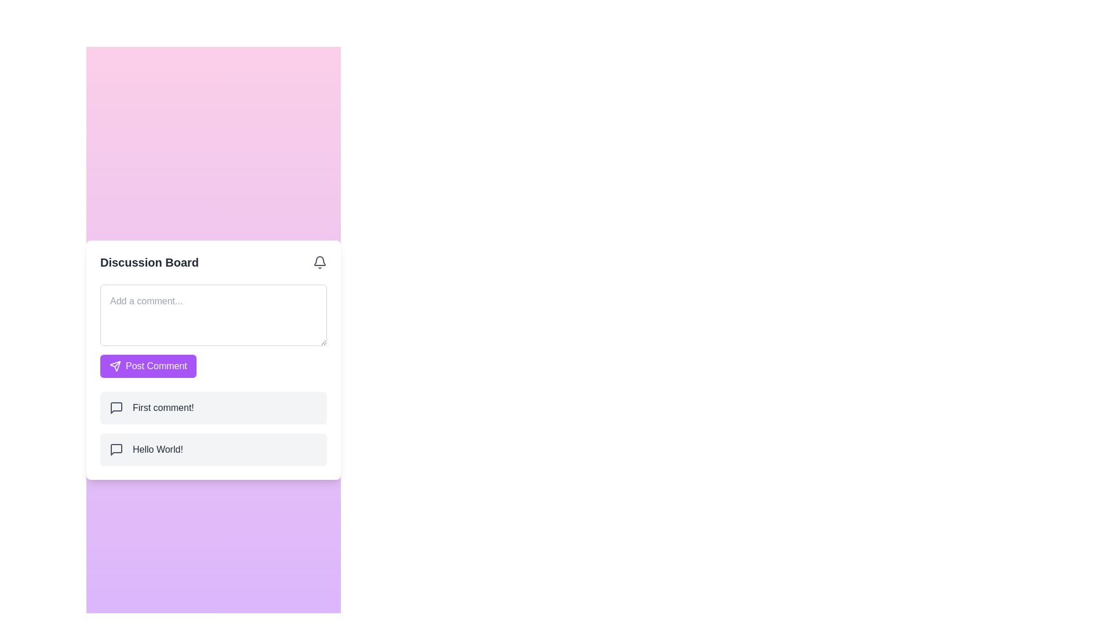  I want to click on the 'send' icon located on the left side of the 'Post Comment' button, which indicates the action of submitting a comment, so click(115, 366).